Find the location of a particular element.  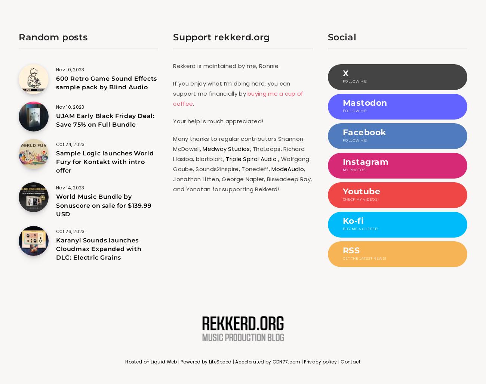

'My photos!' is located at coordinates (354, 169).